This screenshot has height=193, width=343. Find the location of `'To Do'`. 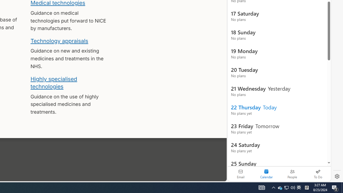

'To Do' is located at coordinates (318, 174).